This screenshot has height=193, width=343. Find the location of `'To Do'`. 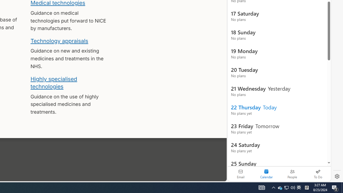

'To Do' is located at coordinates (318, 174).